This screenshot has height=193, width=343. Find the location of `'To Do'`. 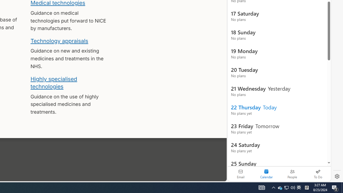

'To Do' is located at coordinates (318, 174).